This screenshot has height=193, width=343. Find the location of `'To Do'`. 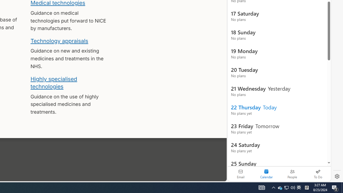

'To Do' is located at coordinates (318, 174).